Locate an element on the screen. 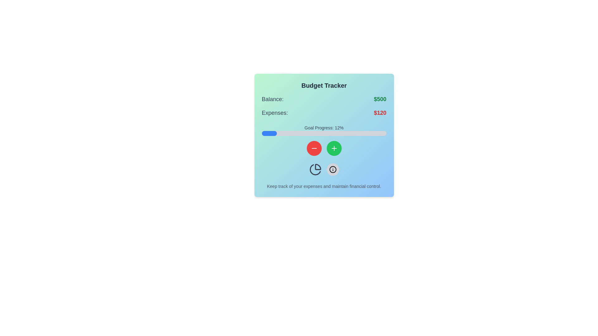 The width and height of the screenshot is (598, 336). the red button in the button group of the 'Budget Tracker' card interface to decrease the value is located at coordinates (324, 148).